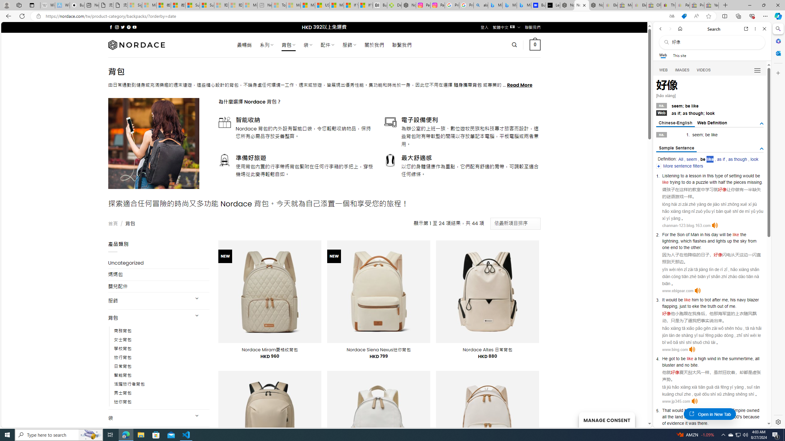 Image resolution: width=785 pixels, height=441 pixels. I want to click on 'channan-123.blog.163.com', so click(686, 225).